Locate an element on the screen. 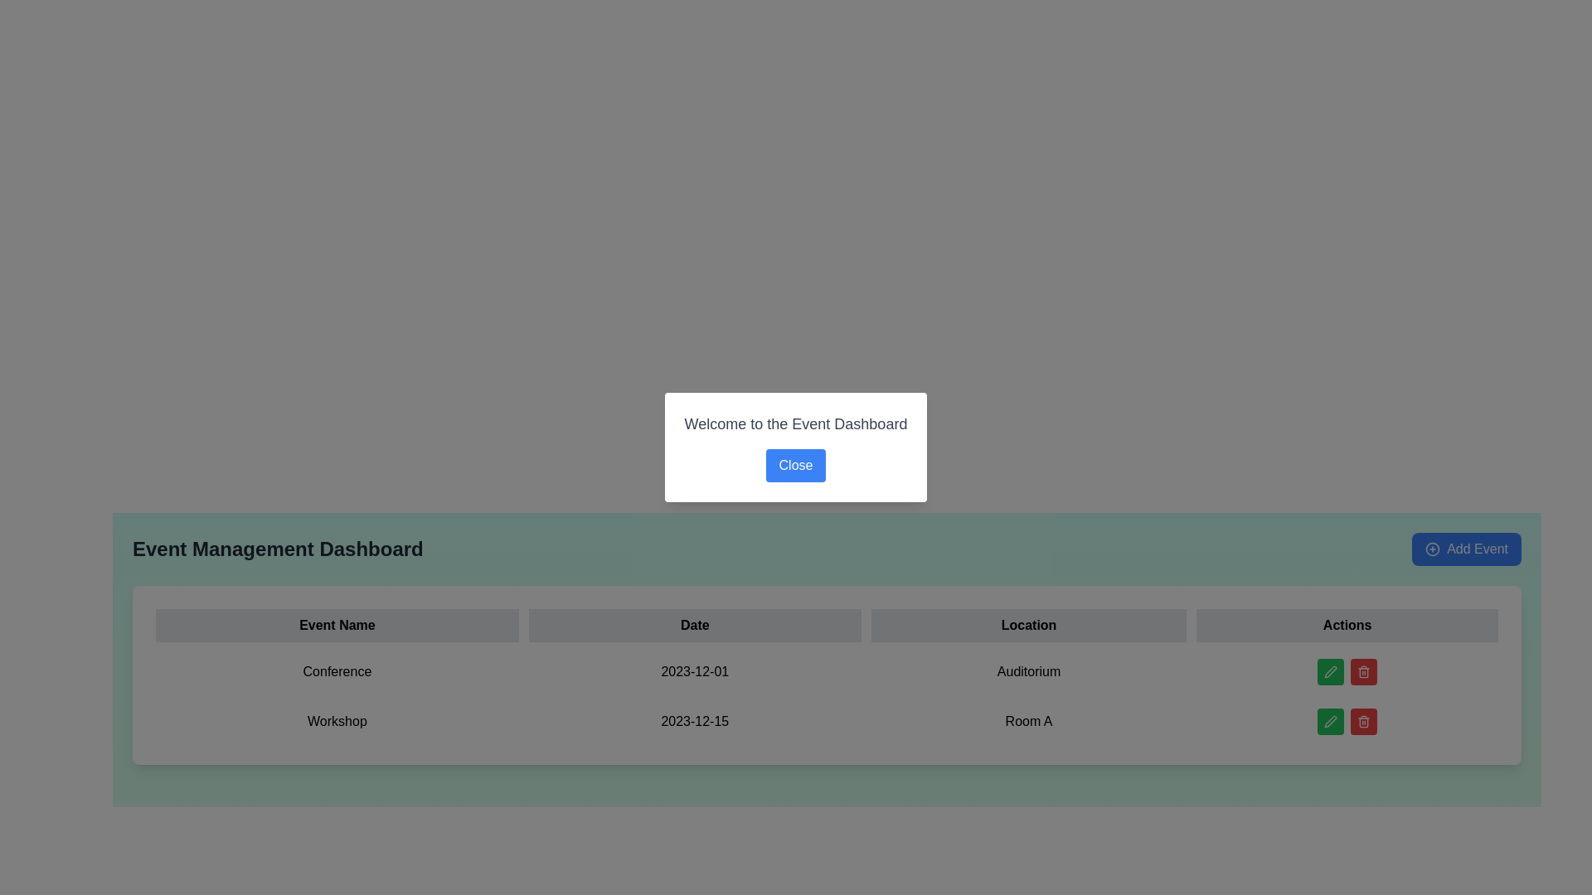  the button in the top-right corner of the 'Event Management Dashboard' is located at coordinates (1467, 549).